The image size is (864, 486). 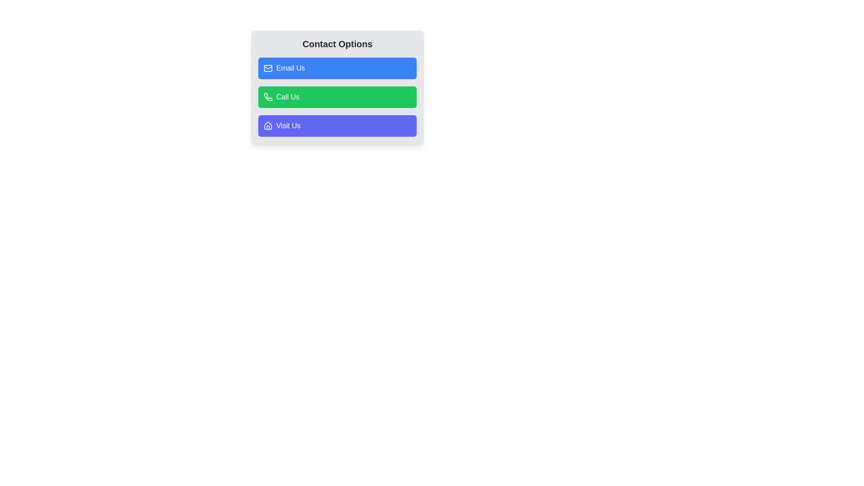 What do you see at coordinates (267, 126) in the screenshot?
I see `the small house-shaped icon located to the left of the 'Visit Us' text within the button at the bottom of the contact options section` at bounding box center [267, 126].